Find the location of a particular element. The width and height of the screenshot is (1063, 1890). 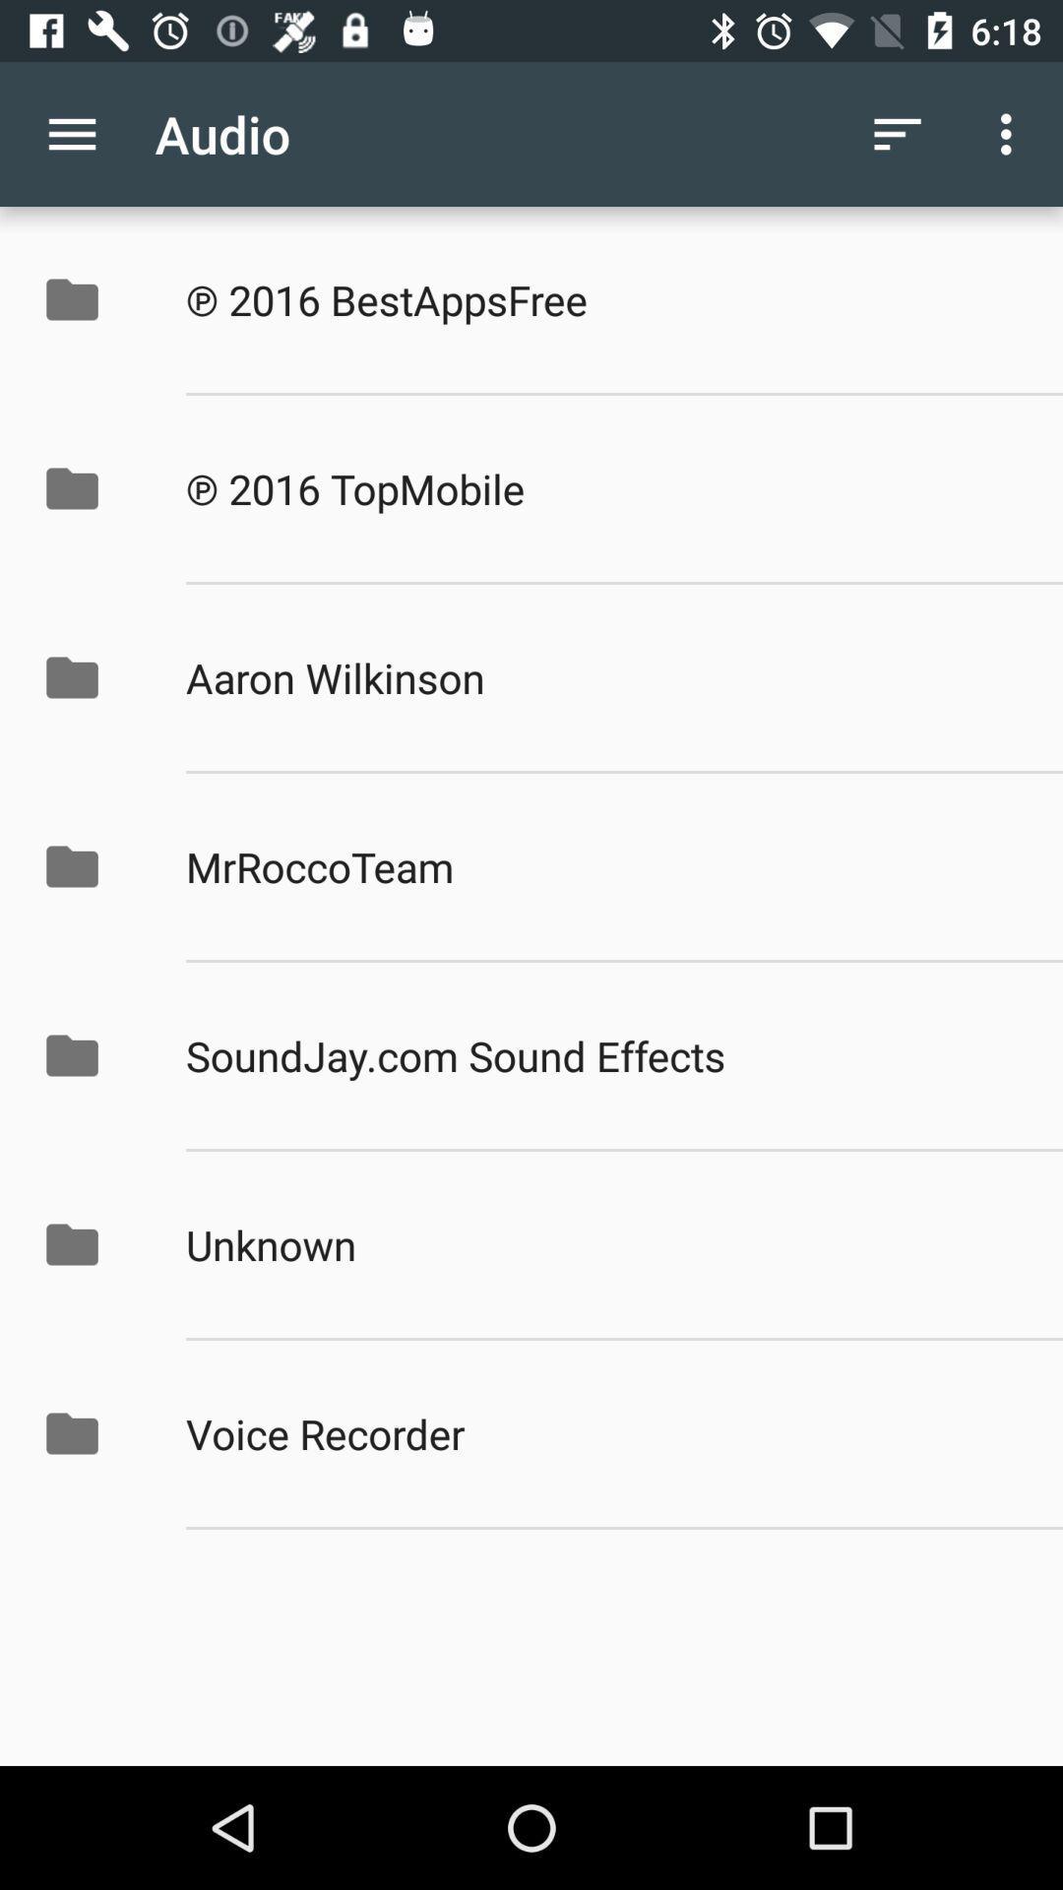

the fifth folder icon is located at coordinates (93, 1054).